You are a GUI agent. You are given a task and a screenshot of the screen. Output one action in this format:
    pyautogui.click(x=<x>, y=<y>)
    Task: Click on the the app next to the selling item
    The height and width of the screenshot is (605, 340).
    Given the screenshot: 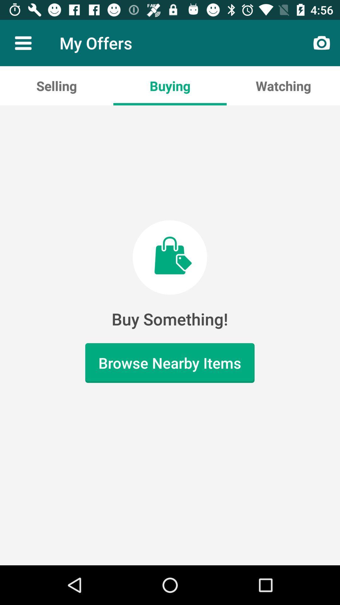 What is the action you would take?
    pyautogui.click(x=170, y=85)
    